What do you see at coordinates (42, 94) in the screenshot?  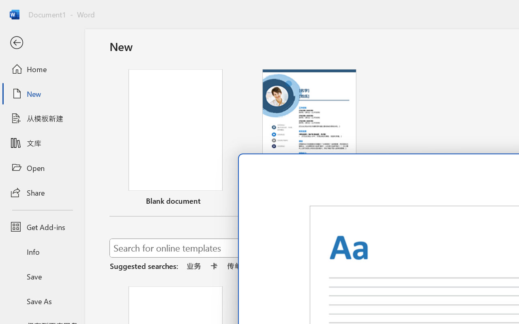 I see `'New'` at bounding box center [42, 94].